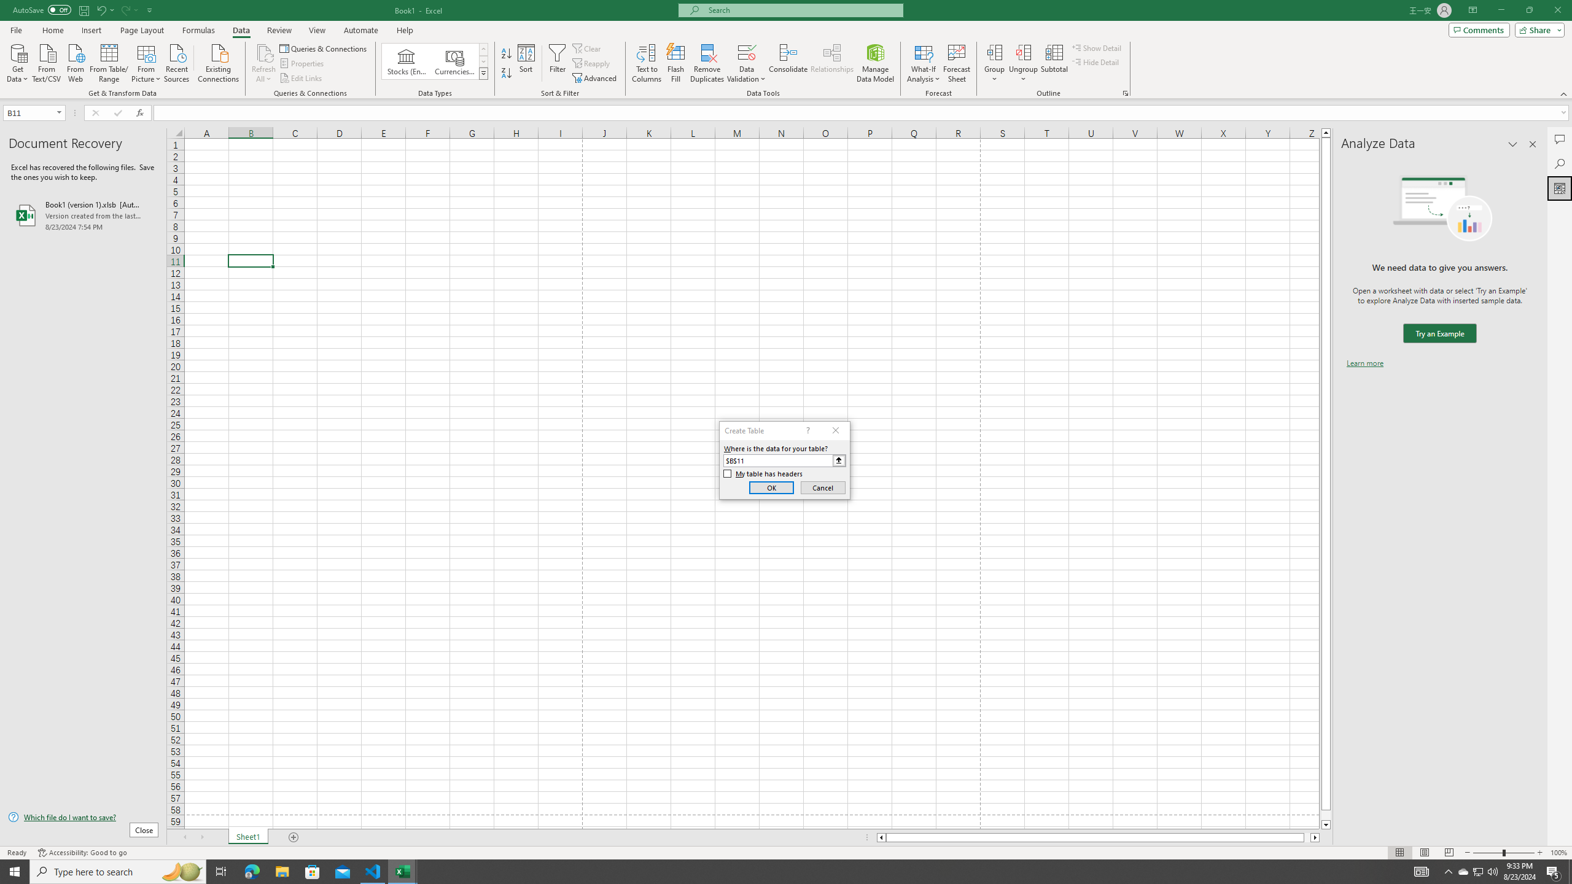 This screenshot has height=884, width=1572. What do you see at coordinates (184, 837) in the screenshot?
I see `'Scroll Left'` at bounding box center [184, 837].